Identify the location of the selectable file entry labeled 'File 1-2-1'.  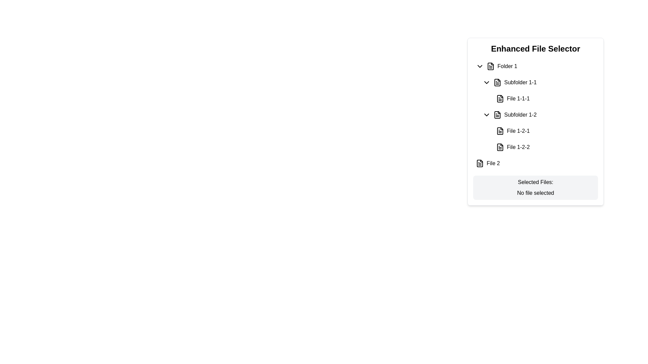
(539, 131).